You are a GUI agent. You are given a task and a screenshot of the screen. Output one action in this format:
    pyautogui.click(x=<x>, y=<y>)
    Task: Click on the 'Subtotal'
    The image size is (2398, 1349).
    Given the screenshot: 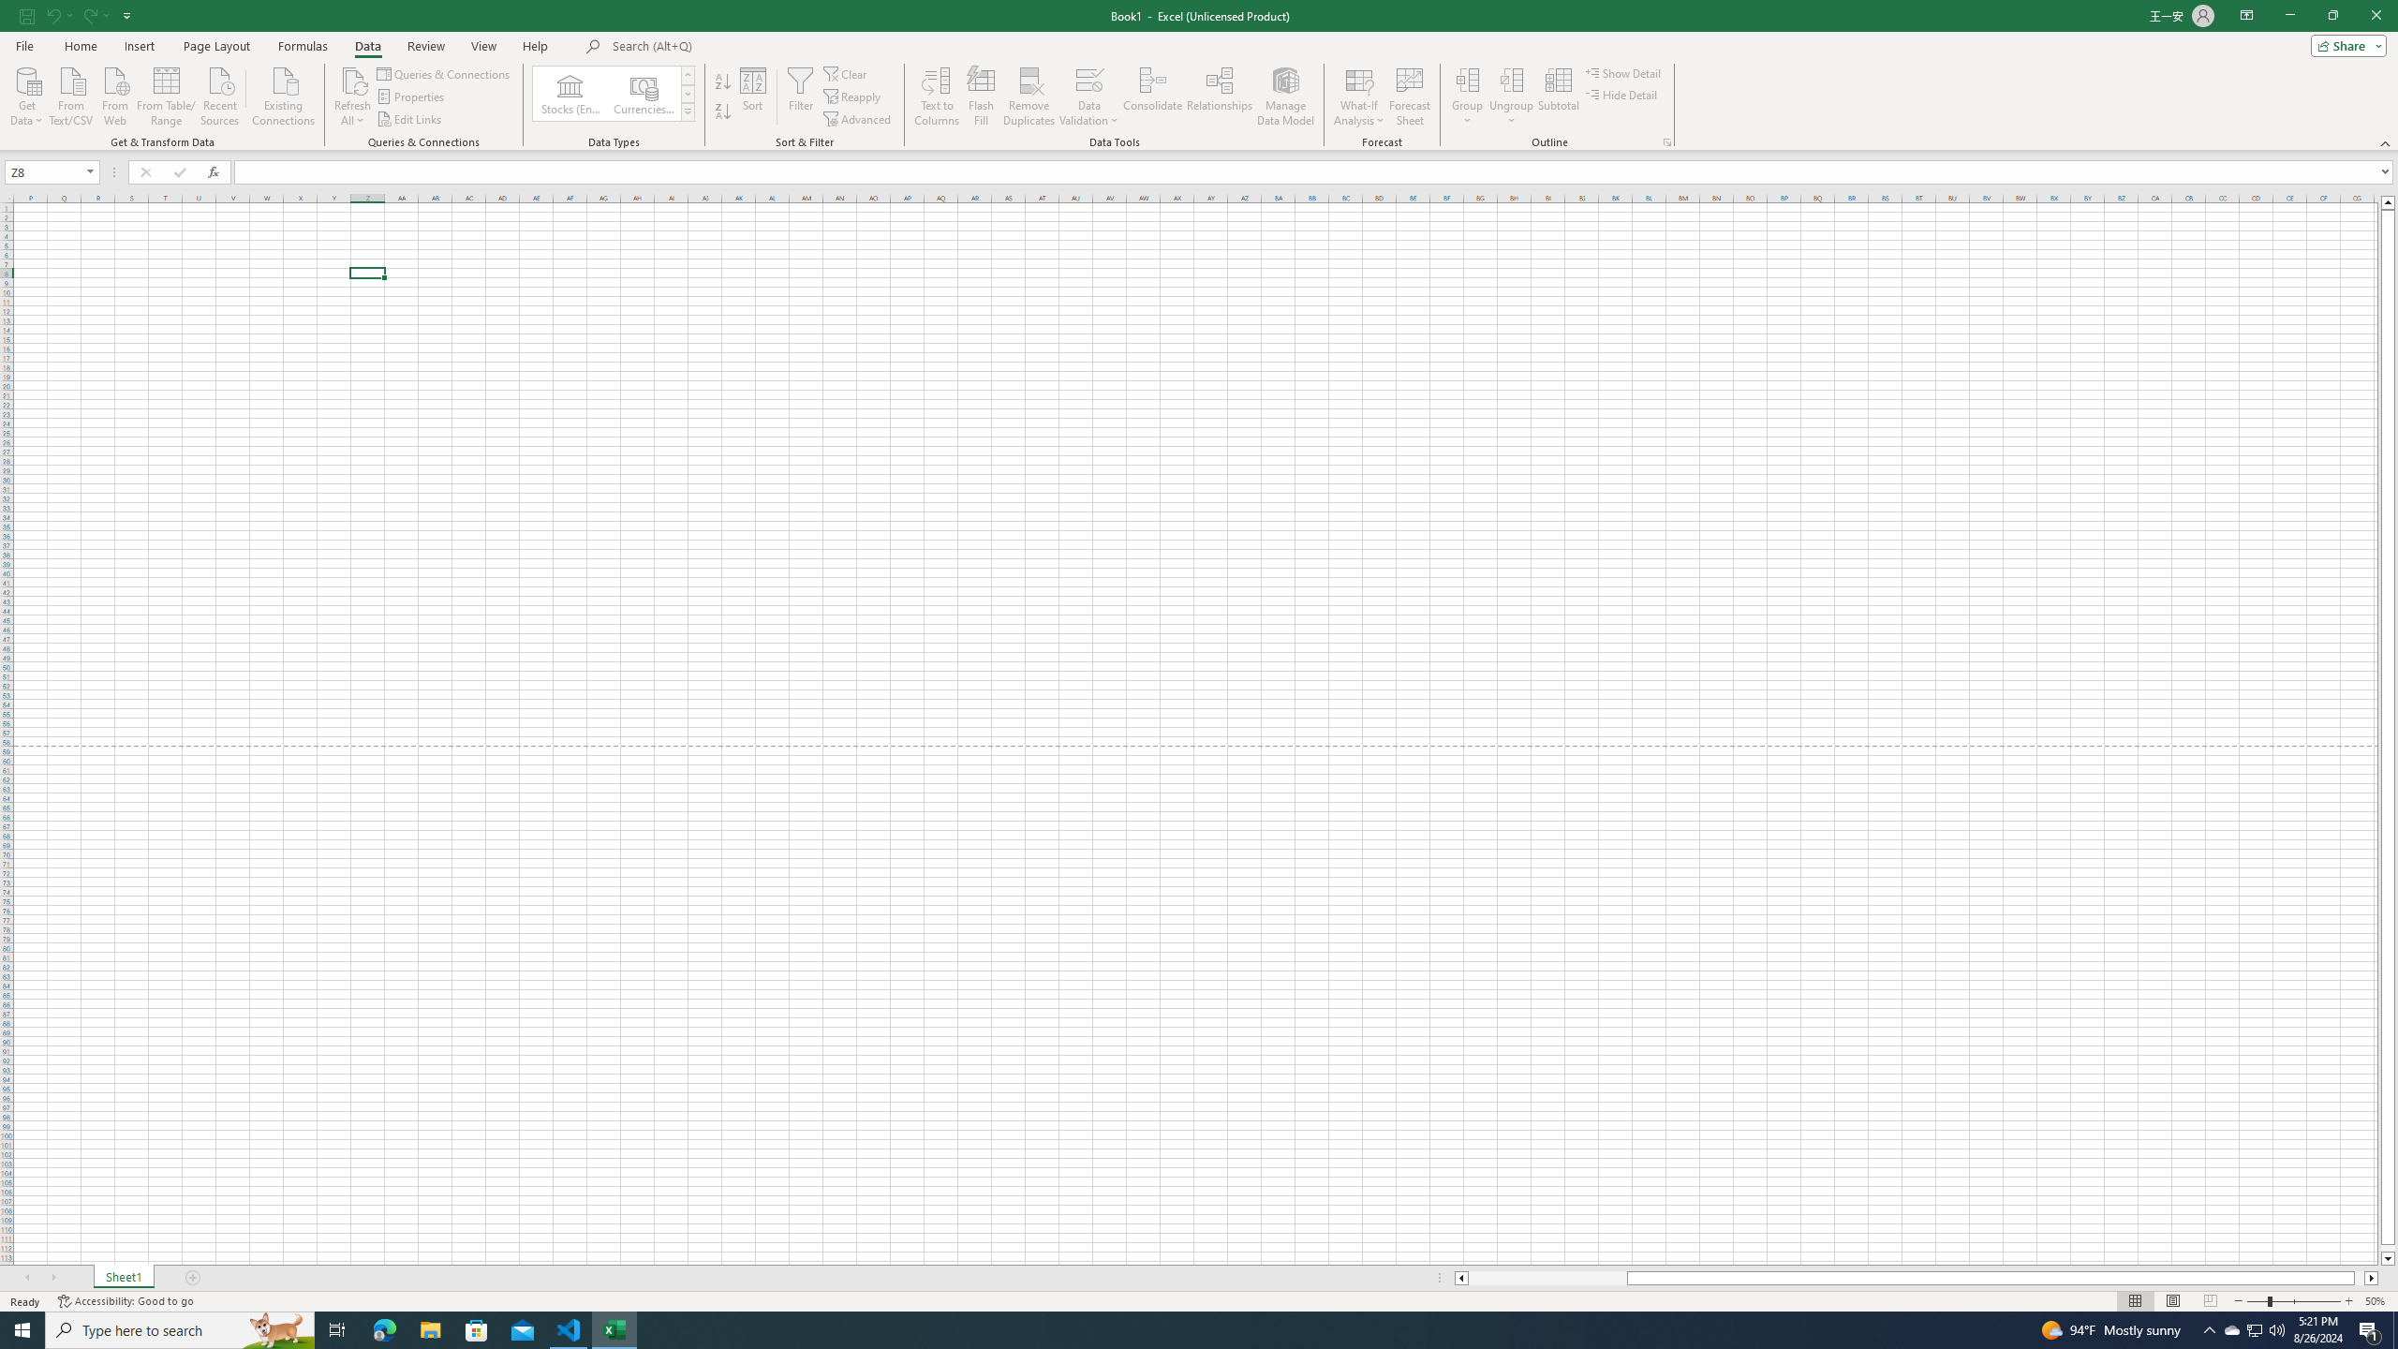 What is the action you would take?
    pyautogui.click(x=1559, y=96)
    